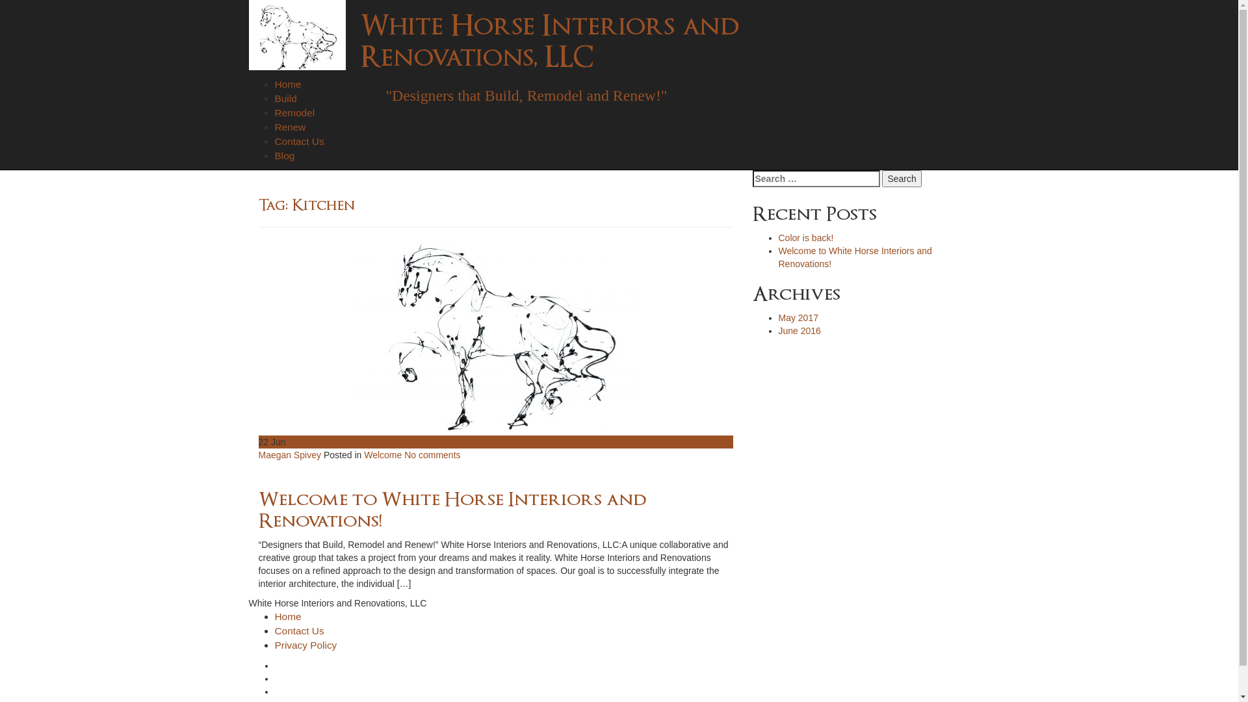  I want to click on 'Search', so click(901, 178).